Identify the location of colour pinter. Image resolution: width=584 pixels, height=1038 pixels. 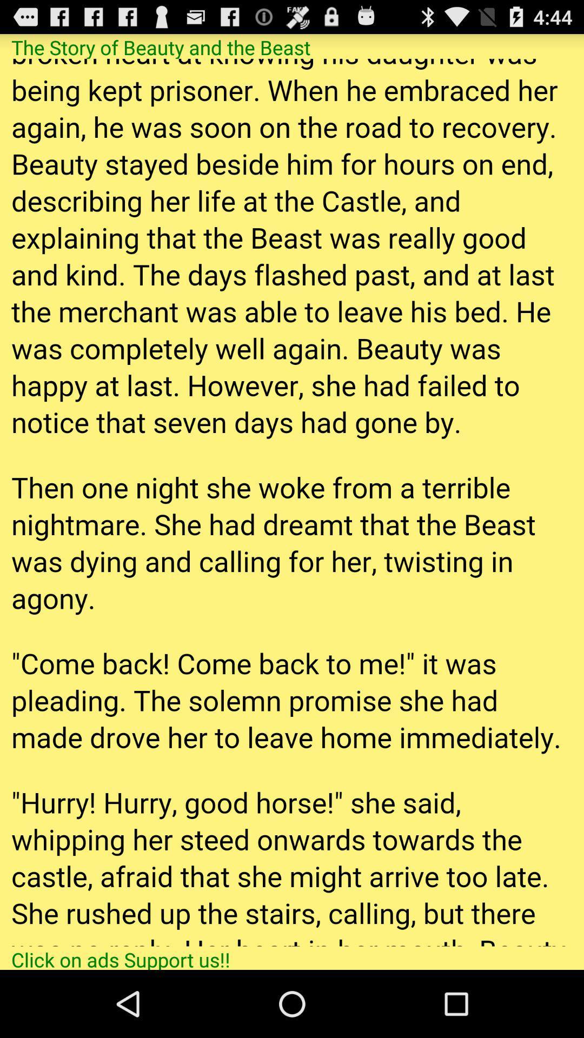
(292, 502).